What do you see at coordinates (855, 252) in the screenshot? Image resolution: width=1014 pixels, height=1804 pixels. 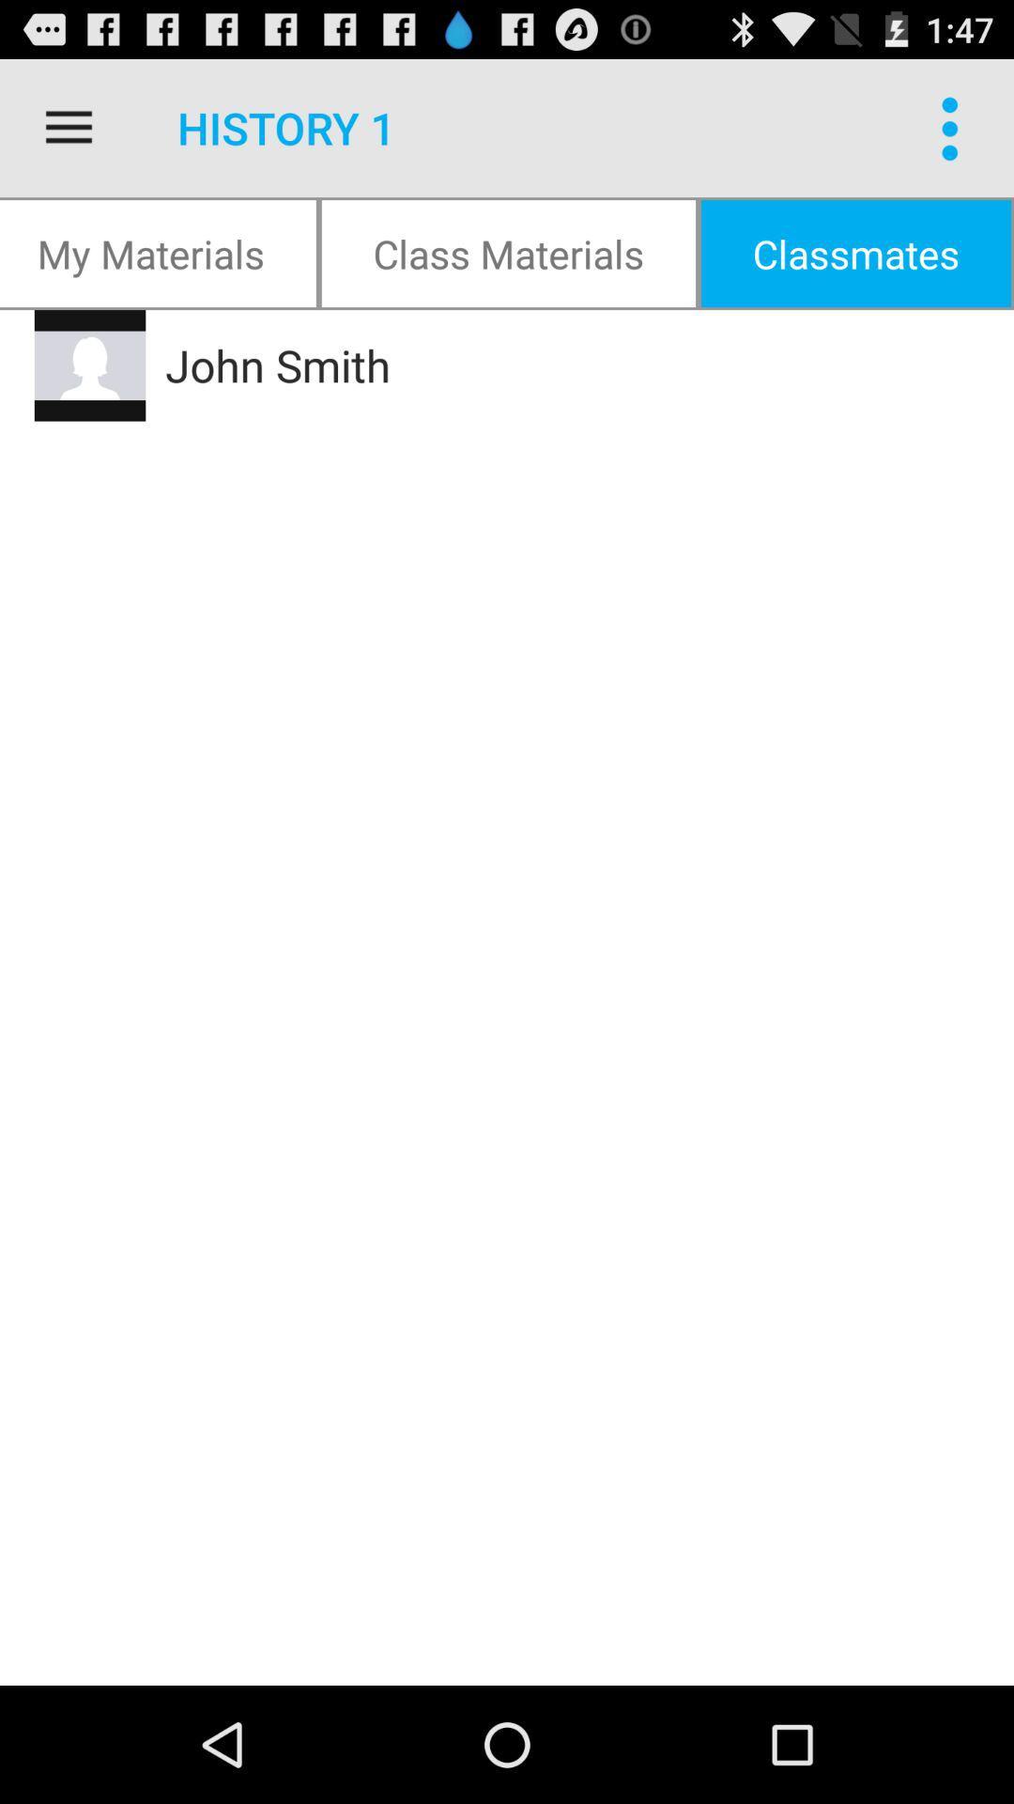 I see `item above the john smith` at bounding box center [855, 252].